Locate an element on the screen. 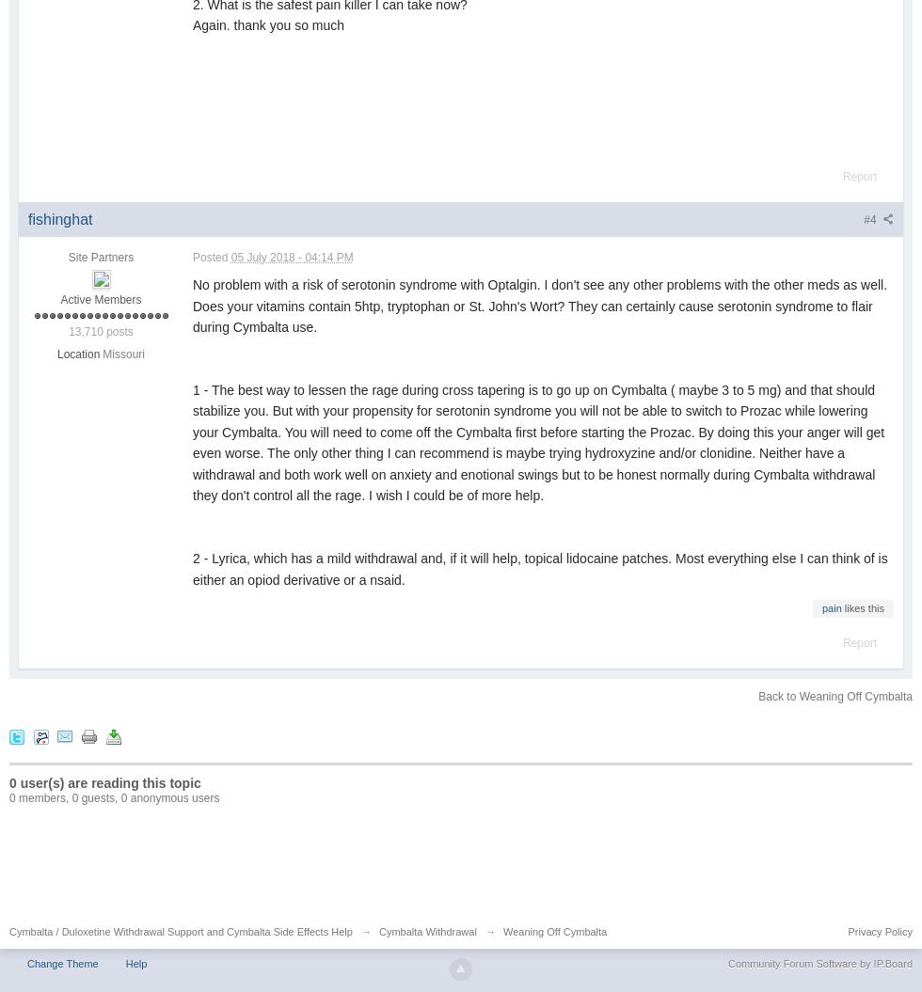 The image size is (922, 992). '0 user(s) are reading this topic' is located at coordinates (104, 783).